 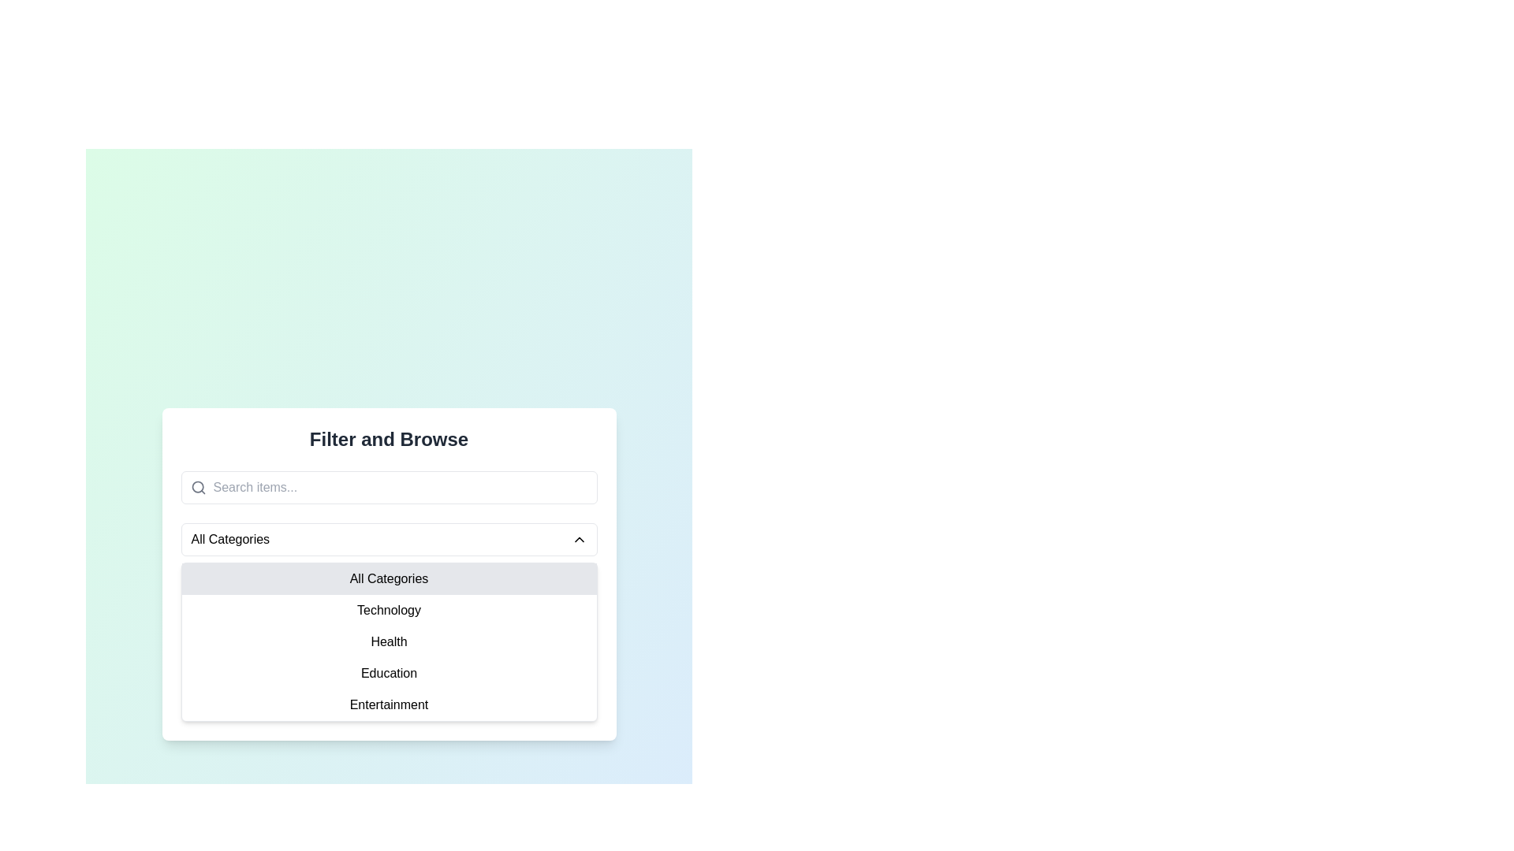 What do you see at coordinates (389, 579) in the screenshot?
I see `the first selectable list item used for filtering categories, located below the search bar and above the 'Technology' option` at bounding box center [389, 579].